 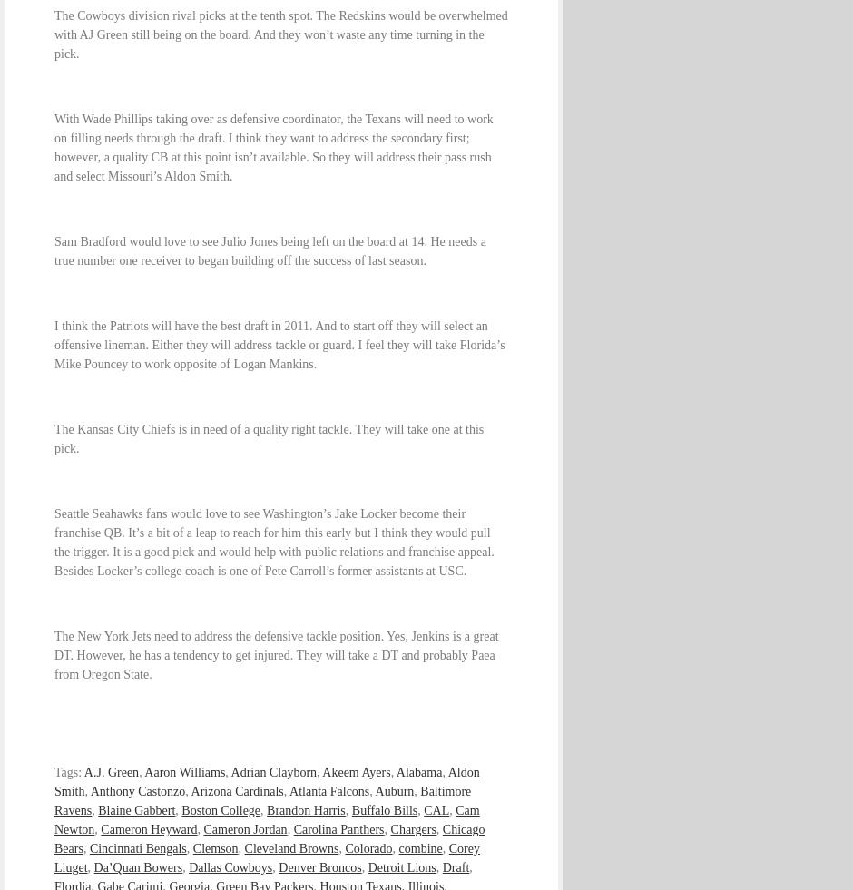 I want to click on 'Cameron Heyward', so click(x=149, y=829).